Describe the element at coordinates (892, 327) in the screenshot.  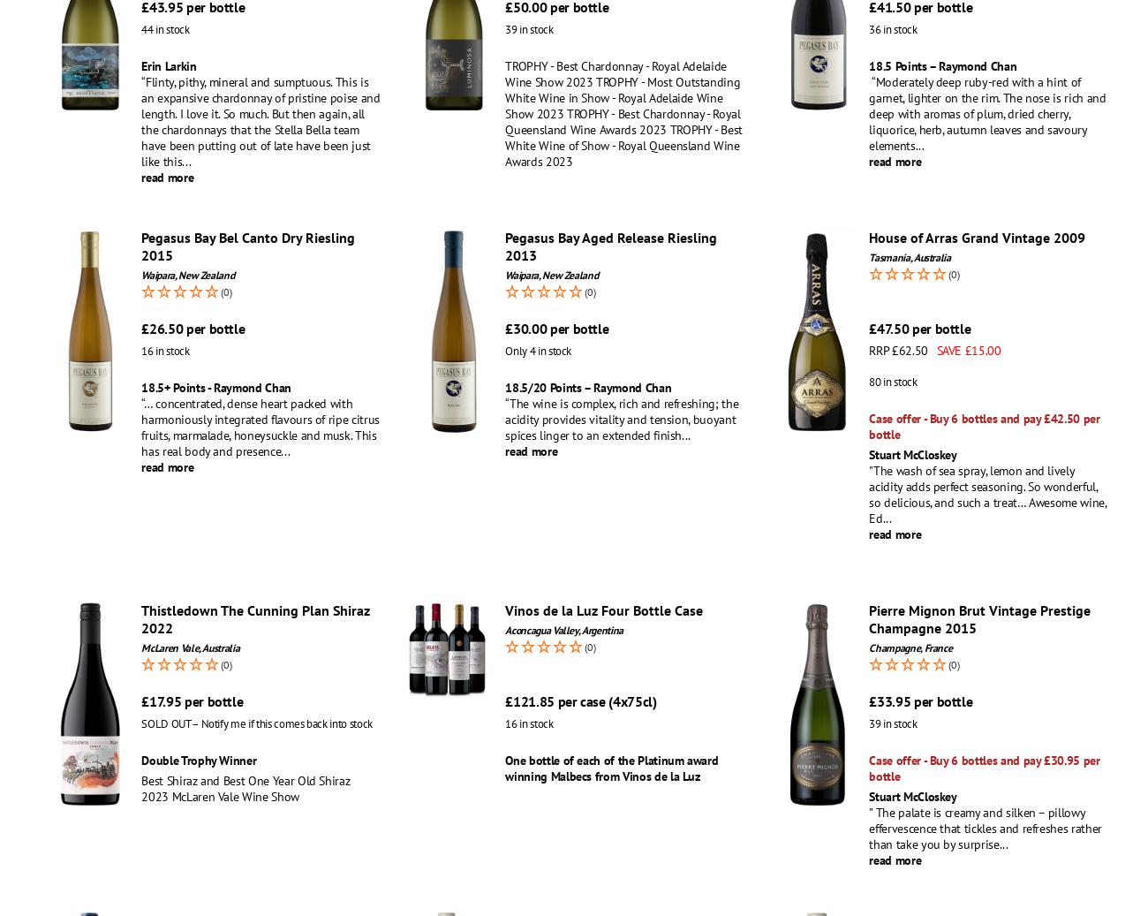
I see `'47.50'` at that location.